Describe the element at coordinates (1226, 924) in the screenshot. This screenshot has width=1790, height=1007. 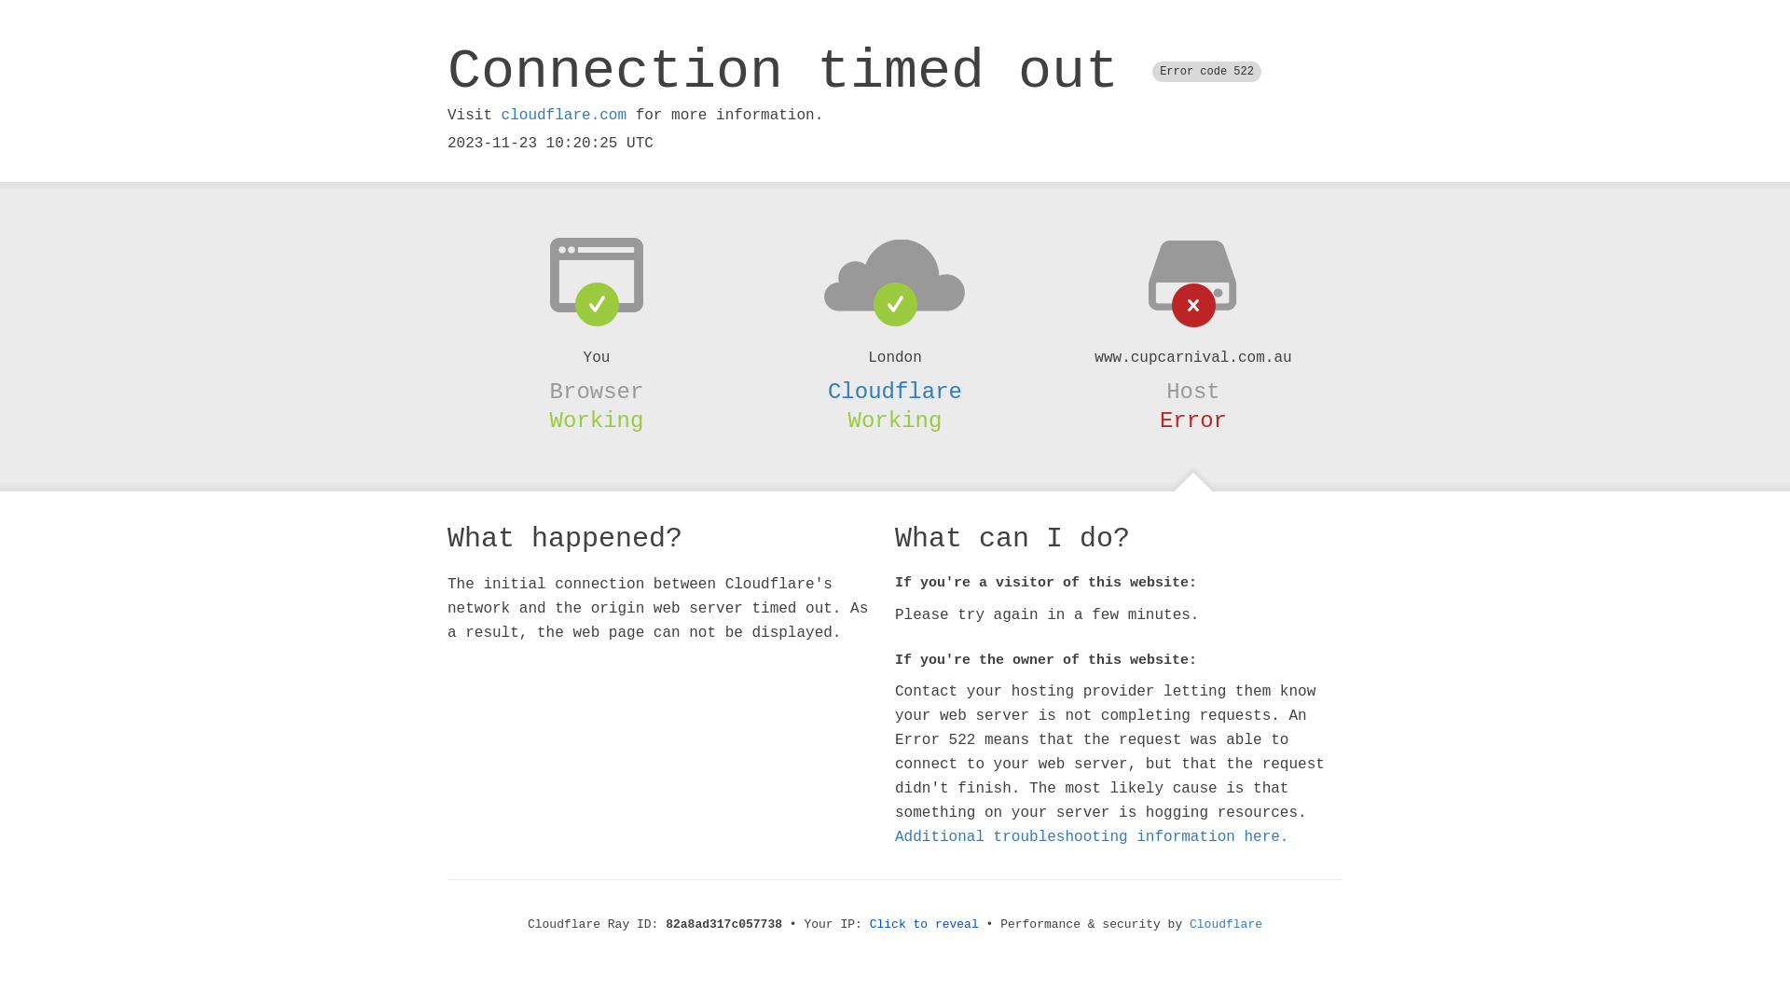
I see `'Cloudflare'` at that location.